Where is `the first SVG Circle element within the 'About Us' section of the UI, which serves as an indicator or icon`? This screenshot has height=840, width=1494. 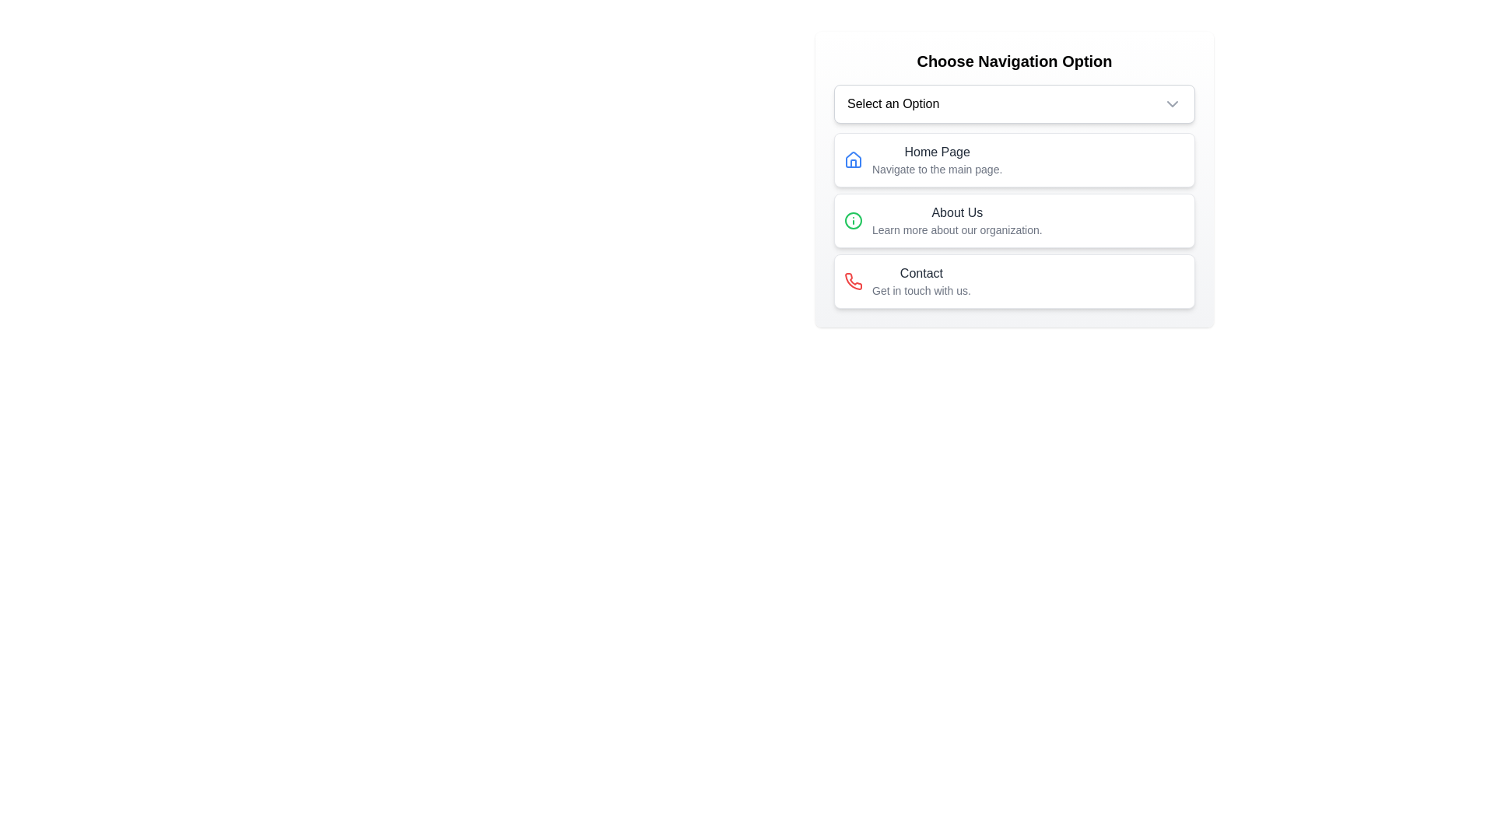 the first SVG Circle element within the 'About Us' section of the UI, which serves as an indicator or icon is located at coordinates (853, 221).